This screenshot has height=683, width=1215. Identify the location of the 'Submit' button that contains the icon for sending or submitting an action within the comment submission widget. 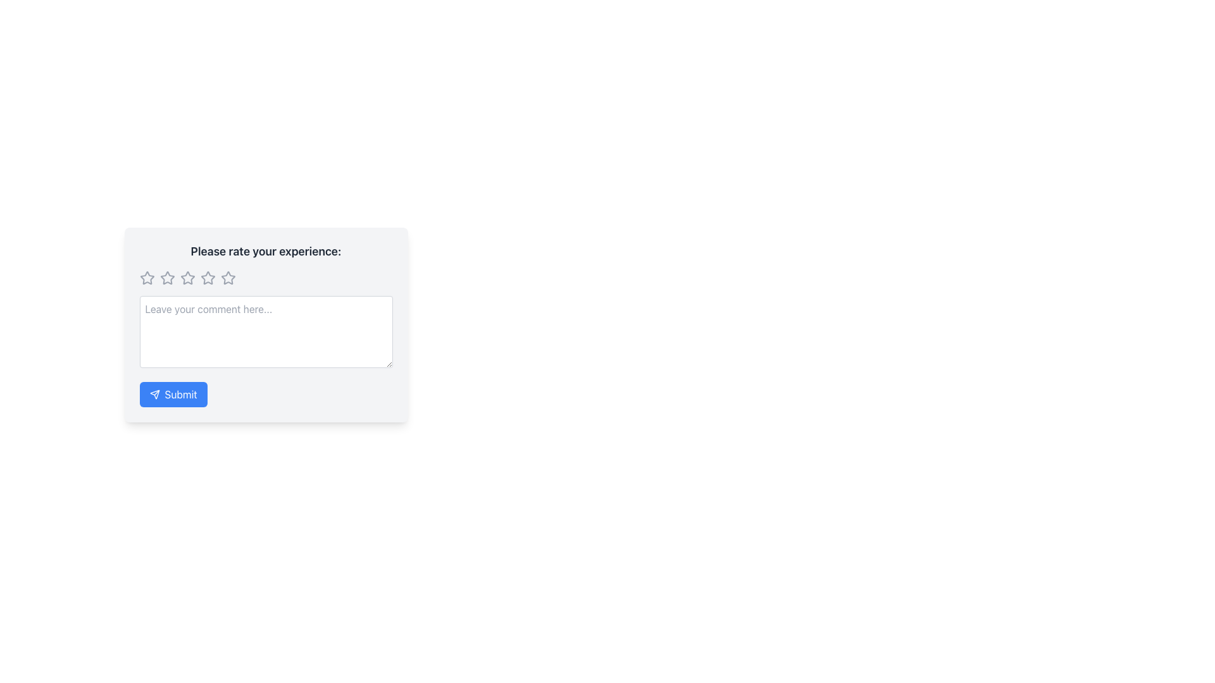
(154, 394).